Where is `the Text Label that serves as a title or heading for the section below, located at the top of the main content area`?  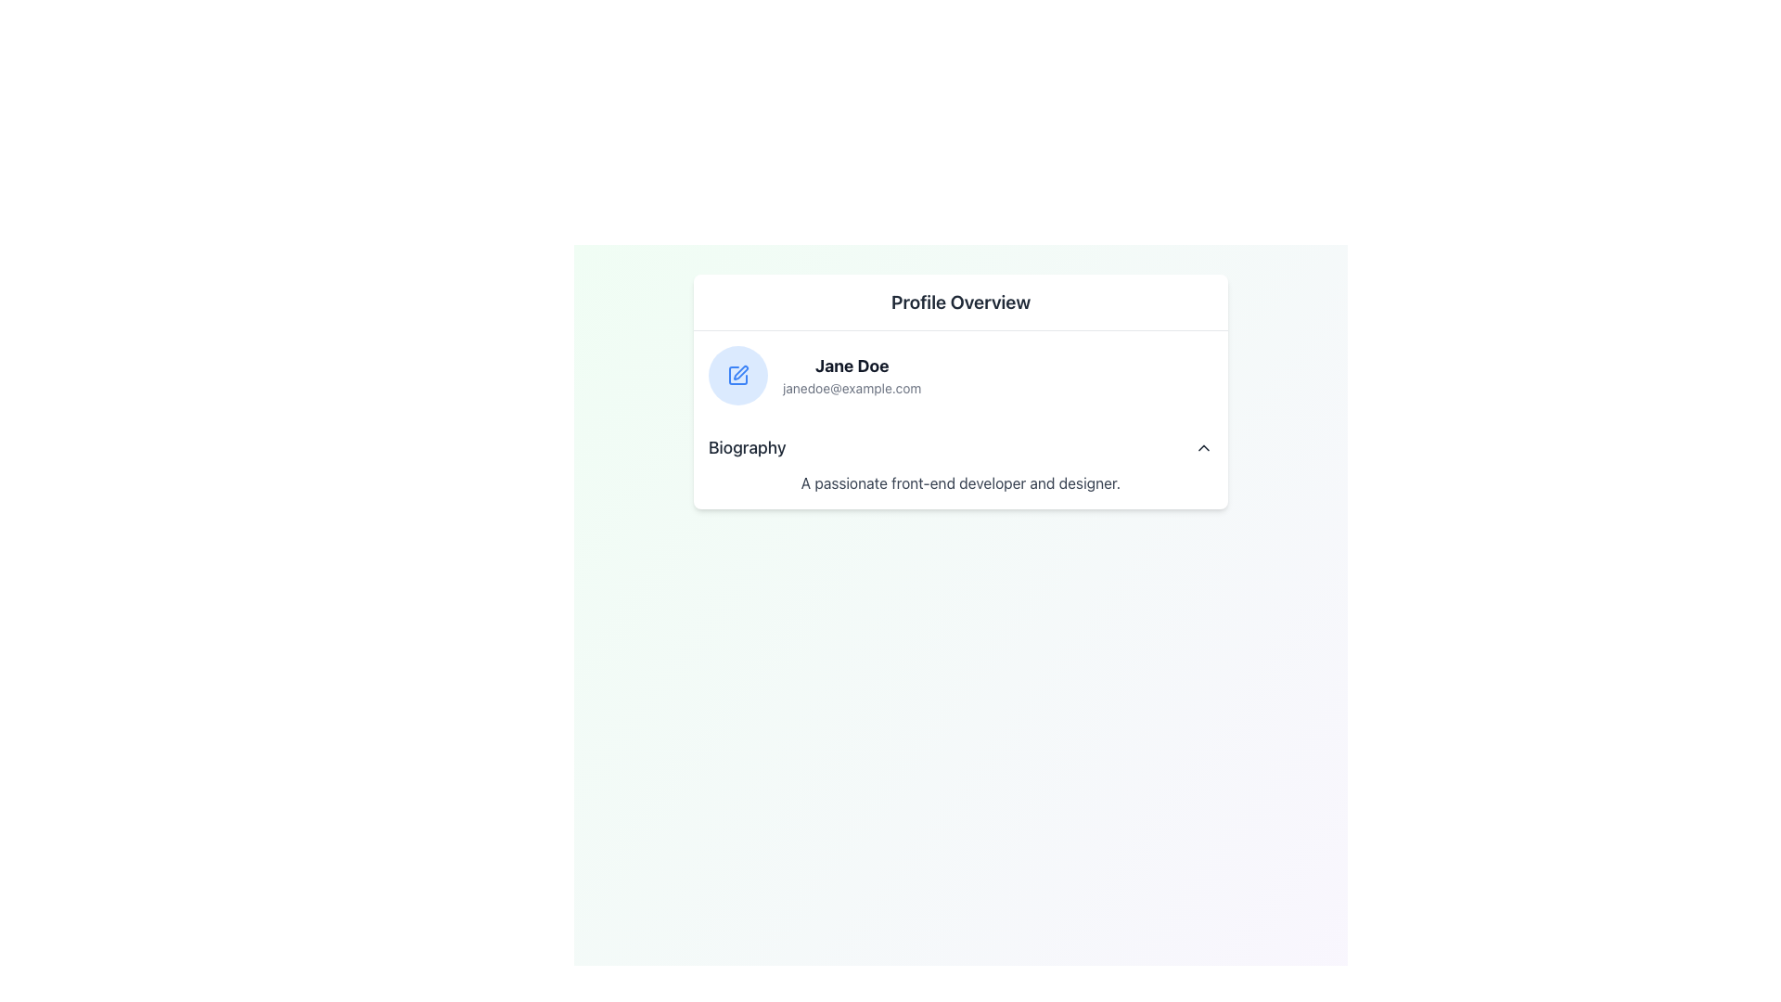 the Text Label that serves as a title or heading for the section below, located at the top of the main content area is located at coordinates (961, 302).